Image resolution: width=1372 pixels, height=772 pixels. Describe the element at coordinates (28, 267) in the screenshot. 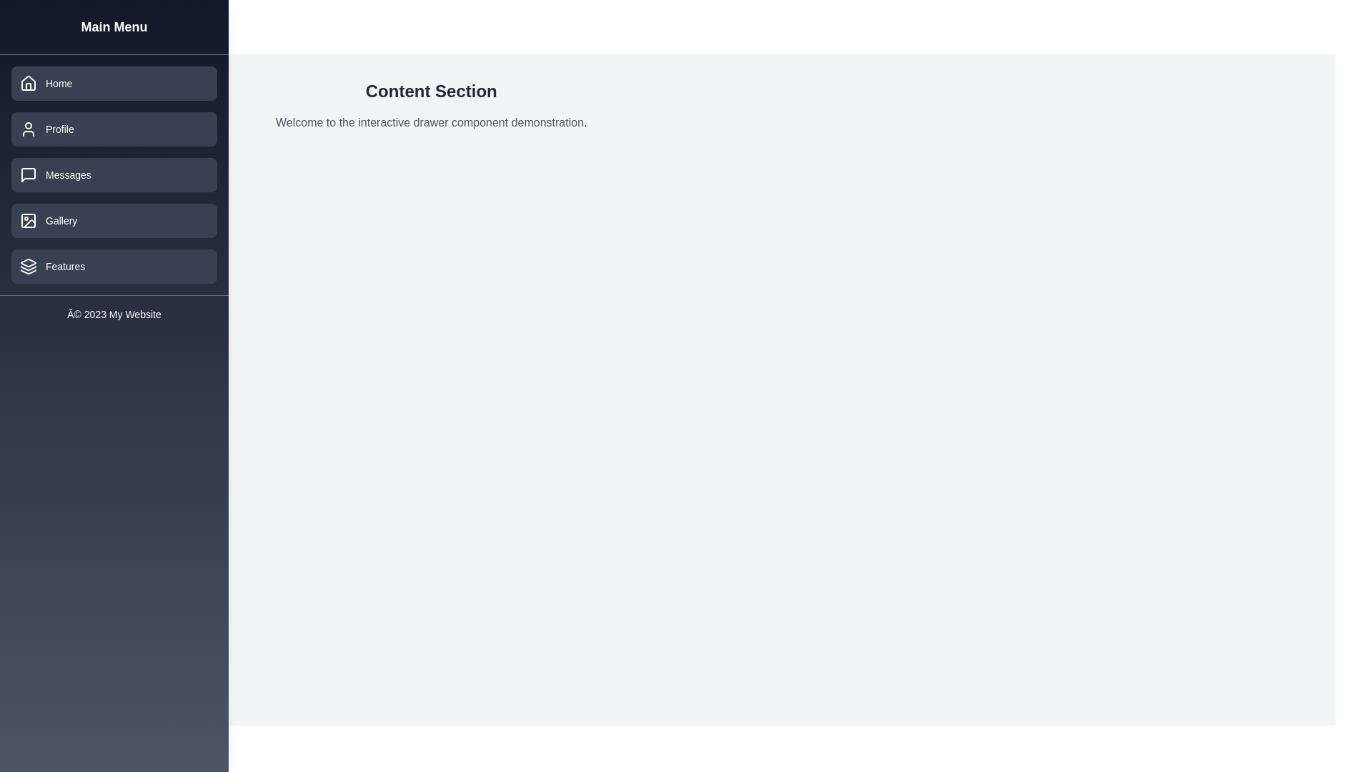

I see `the triangular icon located in the sidebar navigation menu, which is associated with the 'Features' menu item, positioned beneath the 'Gallery' text and above the copyright text` at that location.